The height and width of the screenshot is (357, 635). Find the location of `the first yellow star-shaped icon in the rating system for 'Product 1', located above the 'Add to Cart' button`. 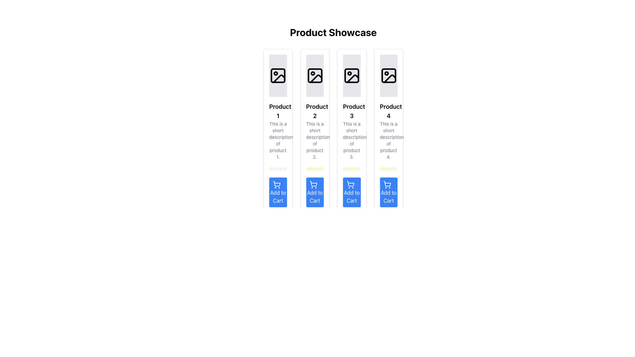

the first yellow star-shaped icon in the rating system for 'Product 1', located above the 'Add to Cart' button is located at coordinates (271, 168).